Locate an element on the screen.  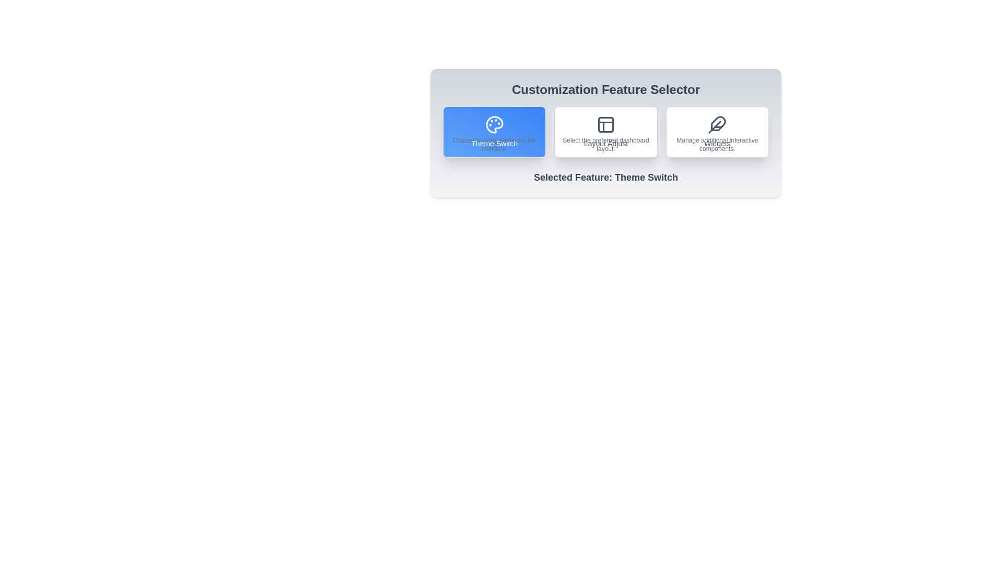
the button corresponding to the feature Layout Adjust to select it is located at coordinates (606, 132).